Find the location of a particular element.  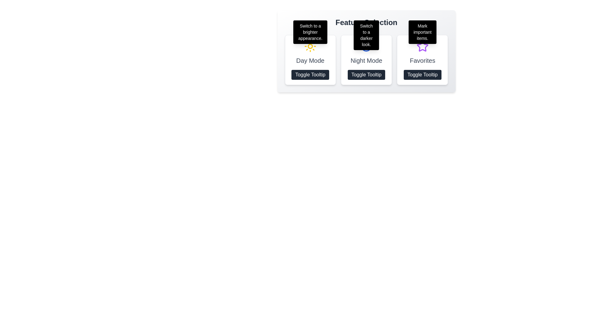

the button located at the bottom of the 'Favorites' card is located at coordinates (422, 75).